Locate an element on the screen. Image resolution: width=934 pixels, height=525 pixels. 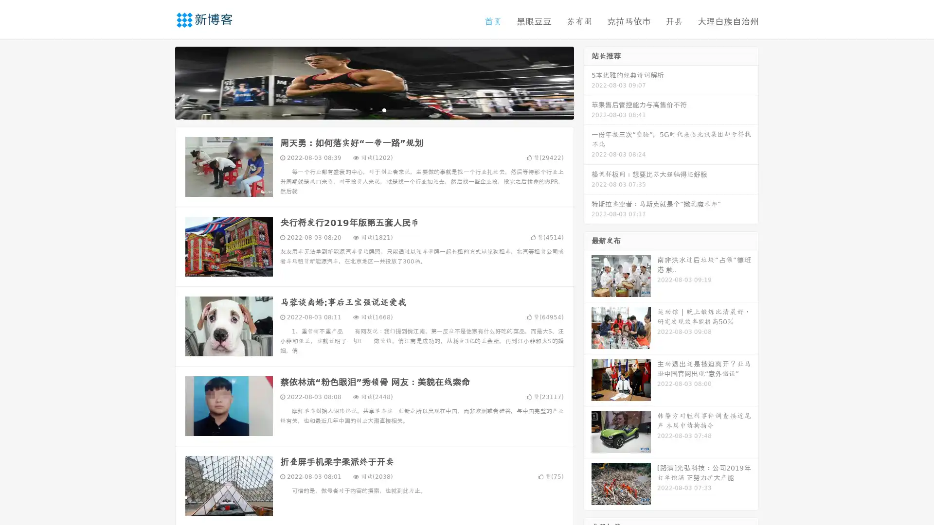
Go to slide 3 is located at coordinates (384, 109).